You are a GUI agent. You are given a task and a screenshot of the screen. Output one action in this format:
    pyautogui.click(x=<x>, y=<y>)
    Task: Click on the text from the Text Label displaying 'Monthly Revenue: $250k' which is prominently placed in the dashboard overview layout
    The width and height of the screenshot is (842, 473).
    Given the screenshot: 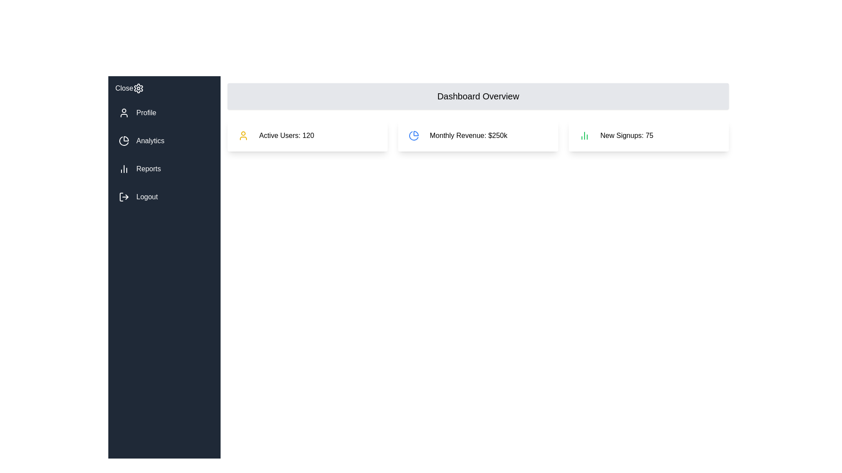 What is the action you would take?
    pyautogui.click(x=468, y=135)
    